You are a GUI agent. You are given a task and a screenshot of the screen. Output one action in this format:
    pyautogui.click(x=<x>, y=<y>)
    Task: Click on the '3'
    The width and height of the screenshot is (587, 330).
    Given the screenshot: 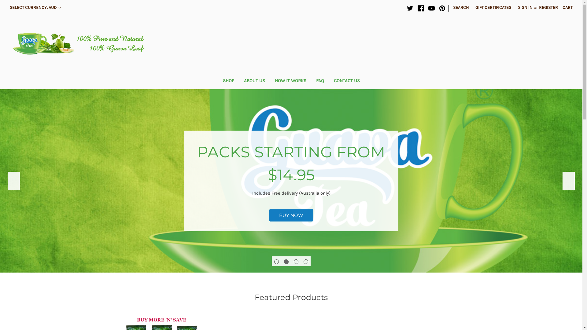 What is the action you would take?
    pyautogui.click(x=296, y=261)
    